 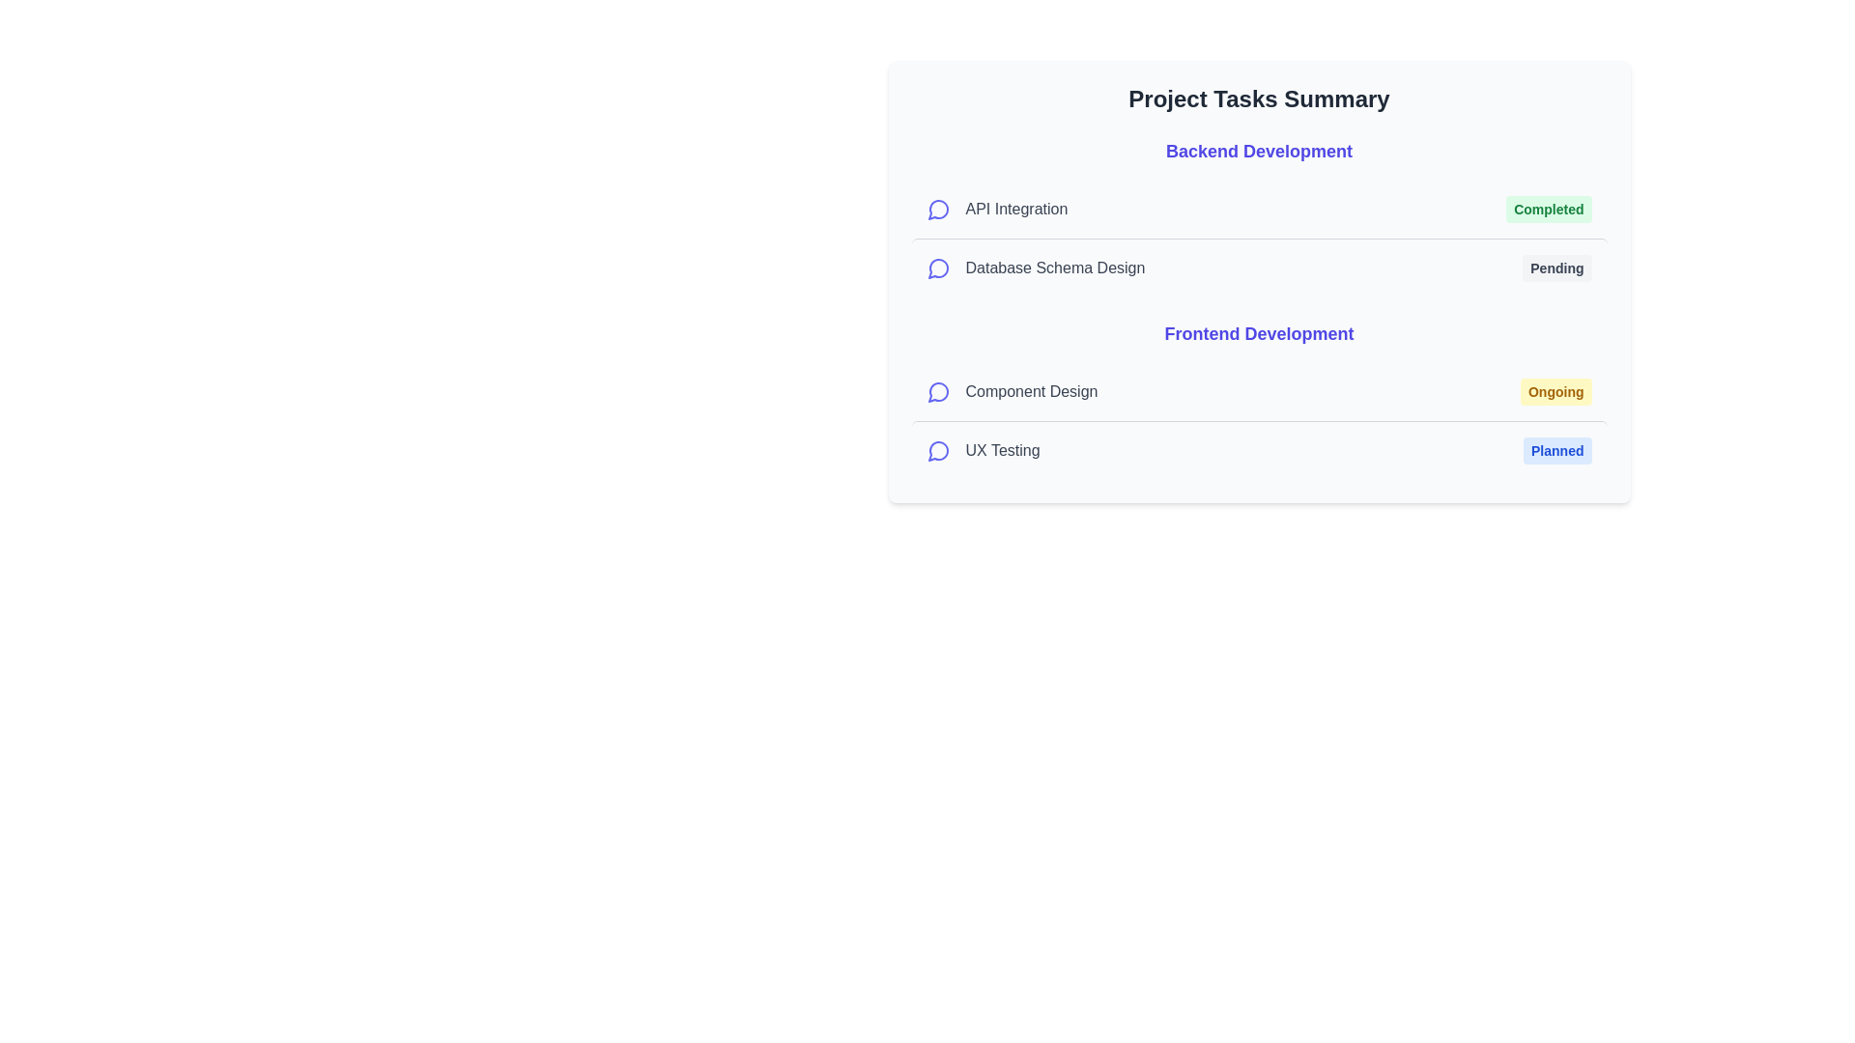 What do you see at coordinates (1259, 391) in the screenshot?
I see `the first list item labeled 'Component Design' with the status badge 'Ongoing'` at bounding box center [1259, 391].